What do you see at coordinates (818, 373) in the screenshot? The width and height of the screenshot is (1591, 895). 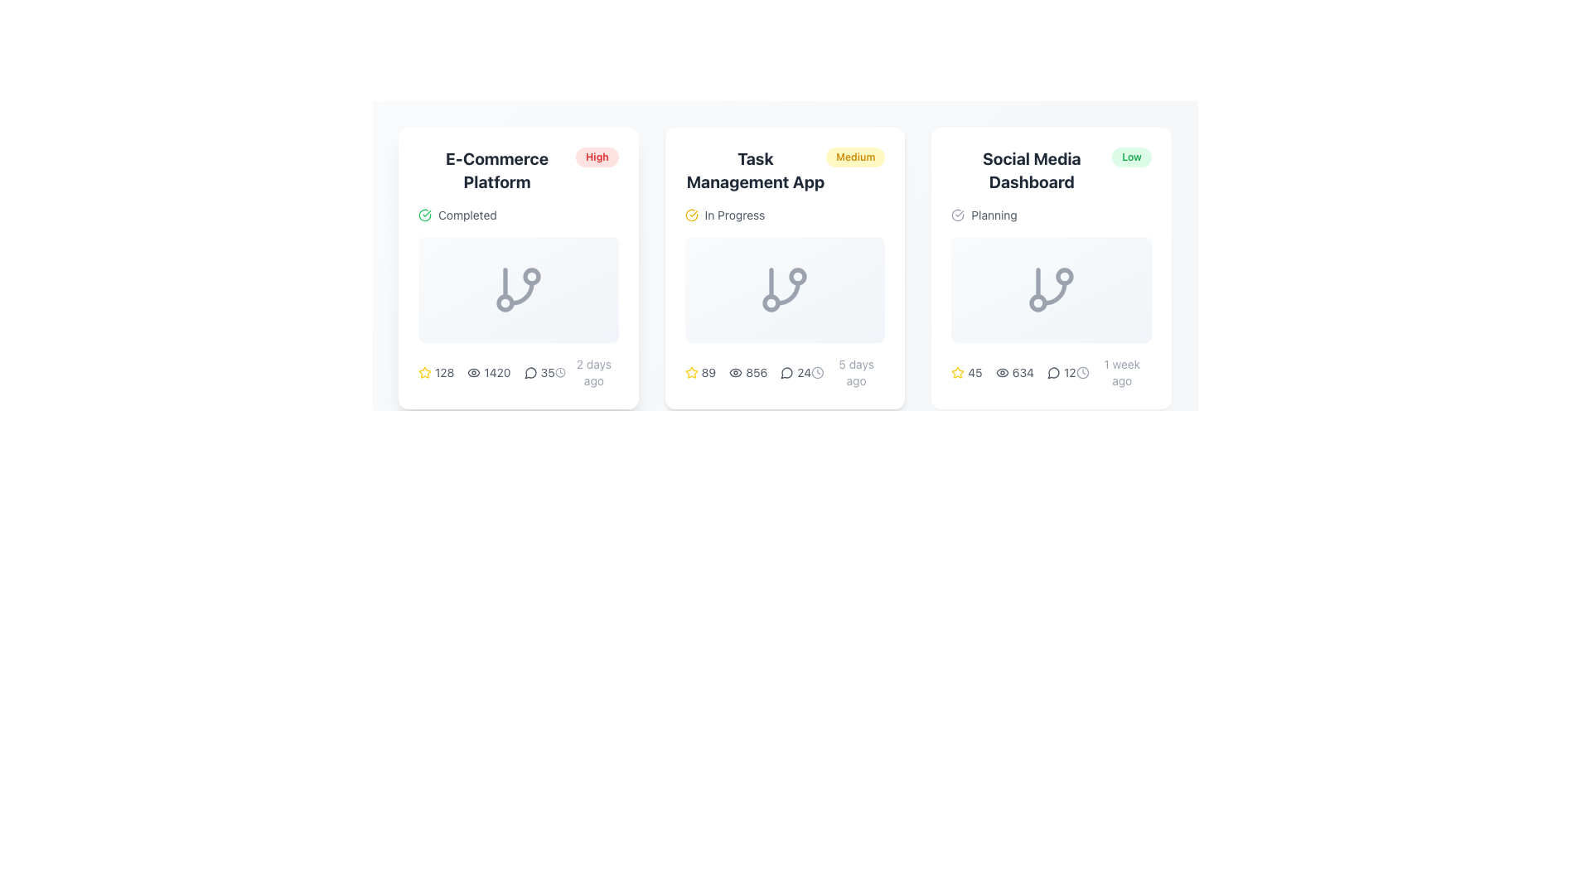 I see `the circular clock icon located in the summary section of the 'Task Management App' card, which is visually associated with the text '5 days ago'` at bounding box center [818, 373].